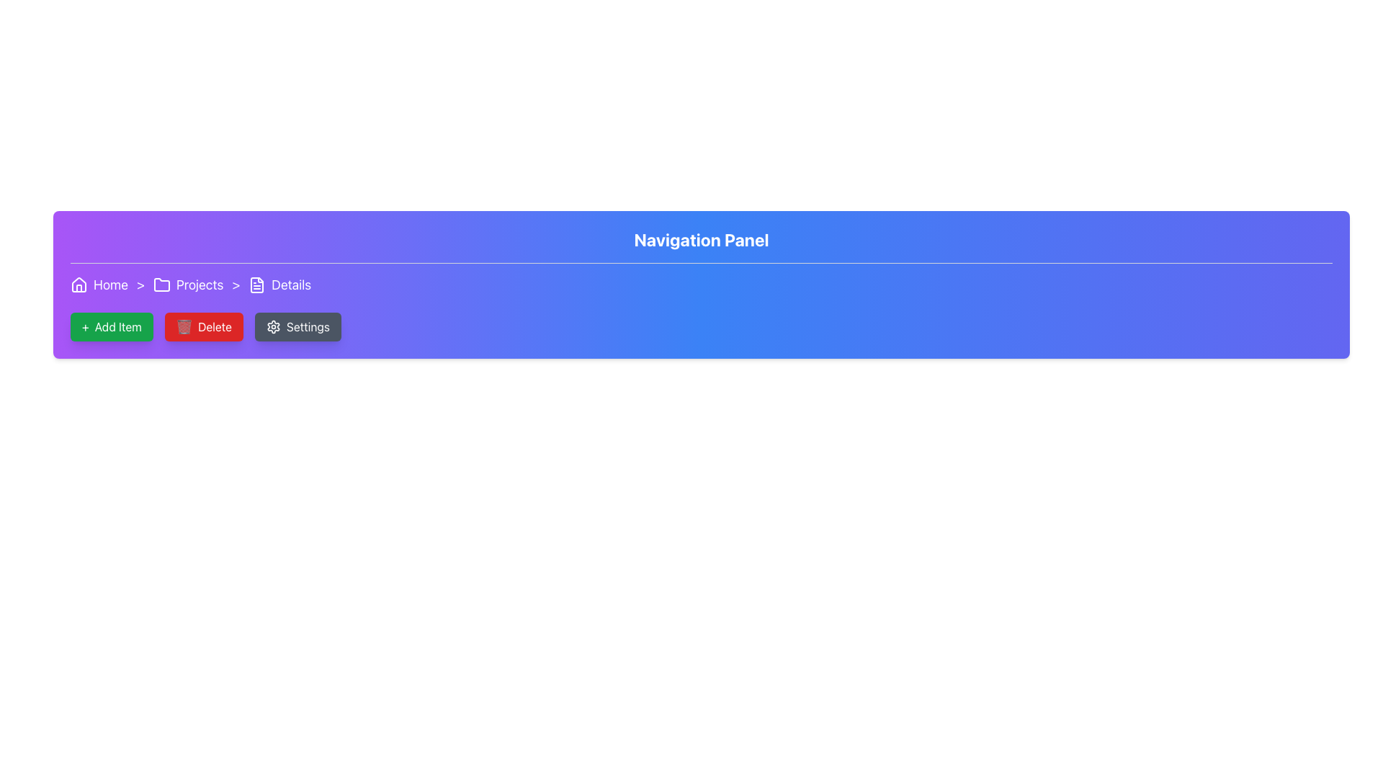 The image size is (1383, 778). I want to click on the center of the house icon in the breadcrumb navigation bar, so click(79, 288).